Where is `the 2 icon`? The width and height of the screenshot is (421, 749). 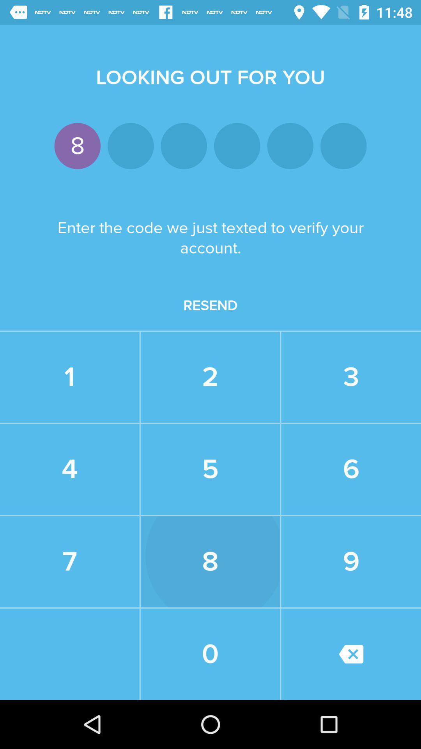
the 2 icon is located at coordinates (210, 377).